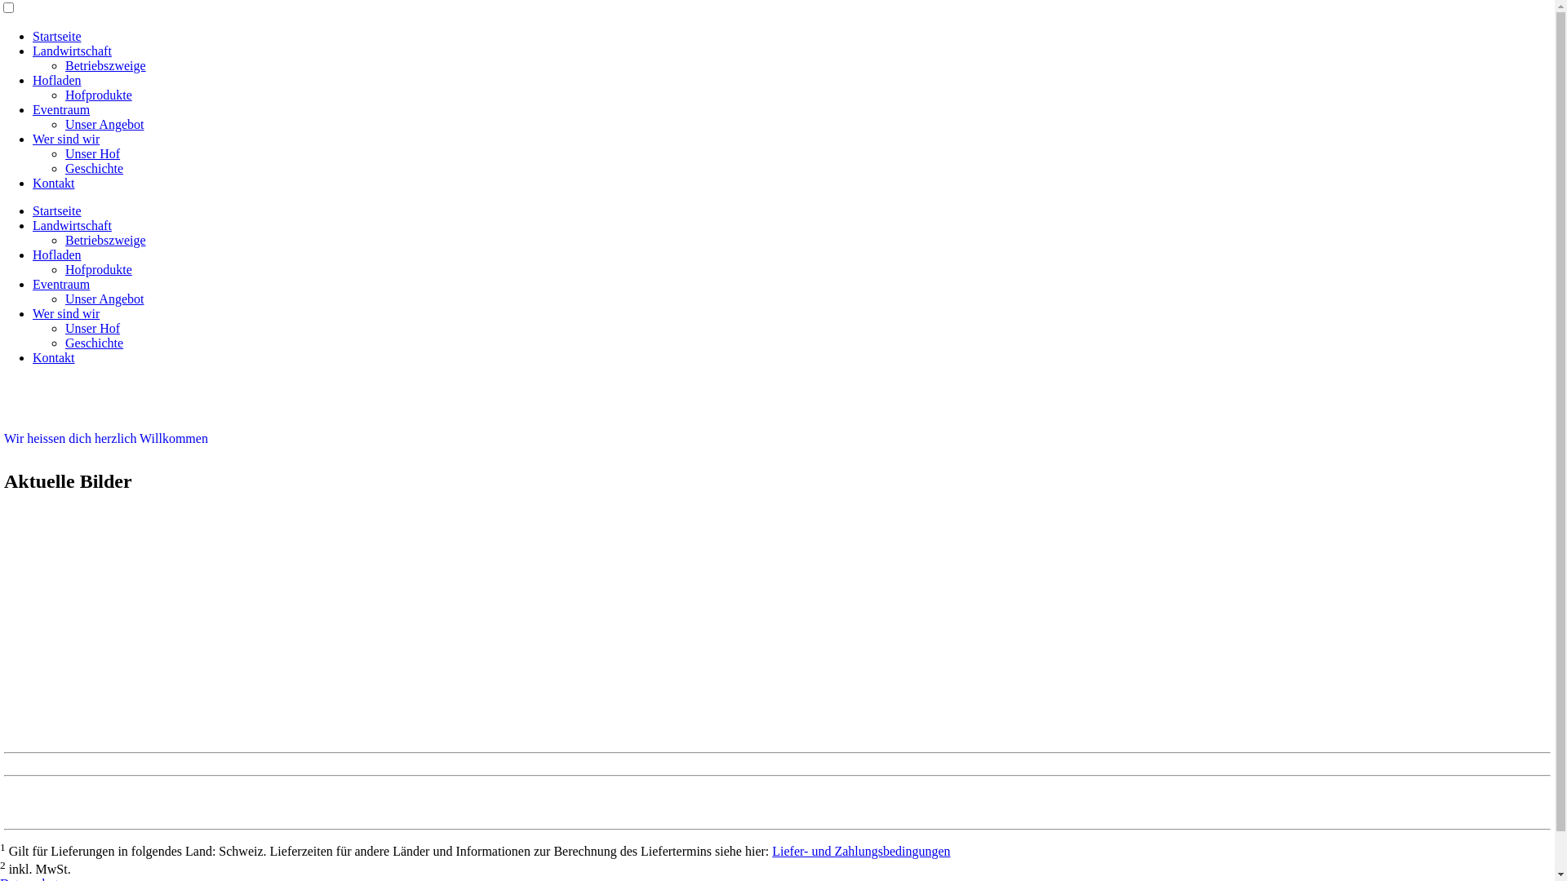  I want to click on 'Landwirtschaft', so click(32, 50).